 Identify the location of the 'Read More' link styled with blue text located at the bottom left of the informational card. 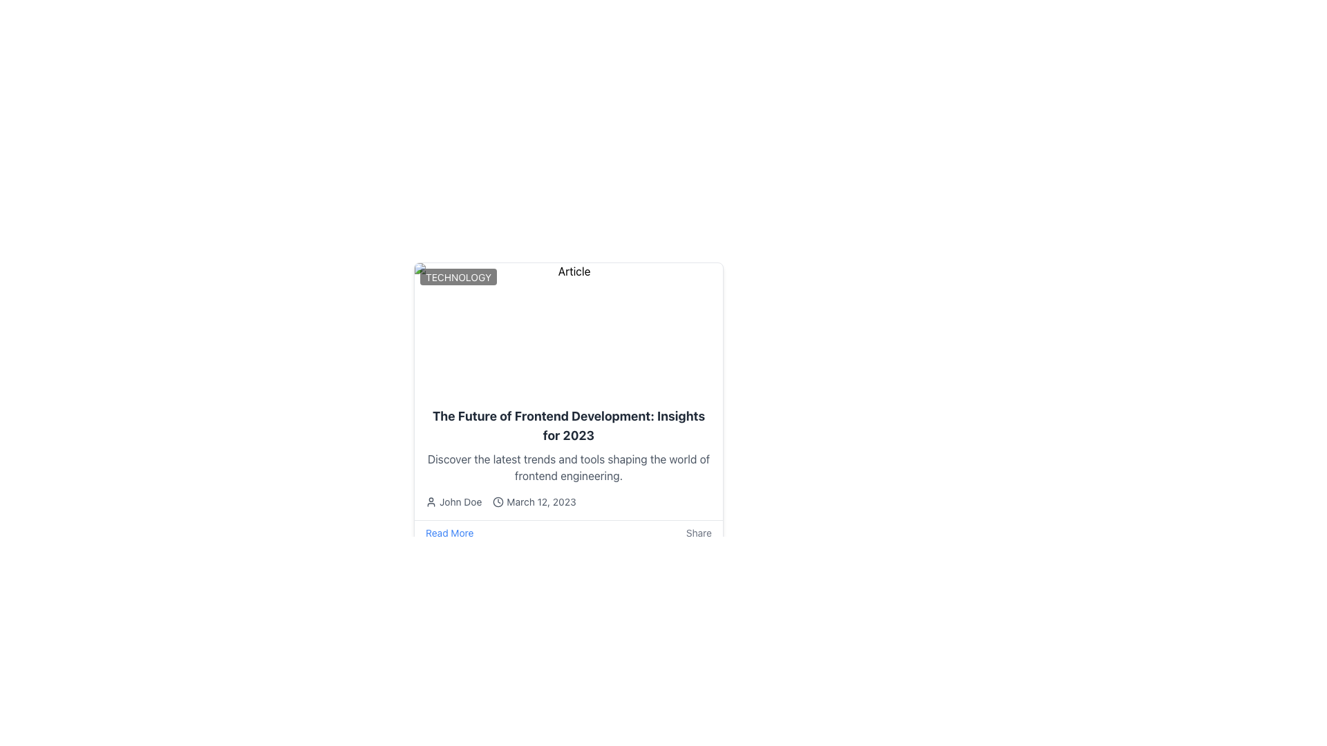
(449, 532).